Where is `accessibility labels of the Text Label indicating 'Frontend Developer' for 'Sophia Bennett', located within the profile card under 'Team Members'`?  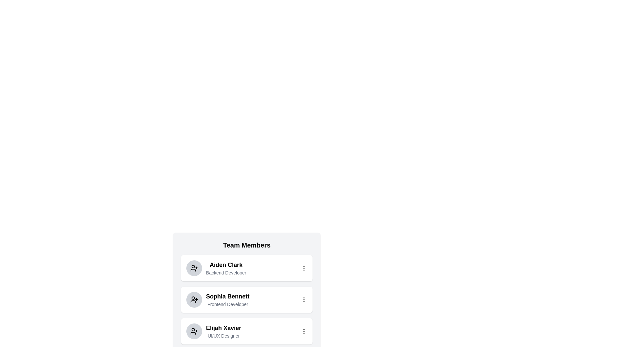 accessibility labels of the Text Label indicating 'Frontend Developer' for 'Sophia Bennett', located within the profile card under 'Team Members' is located at coordinates (227, 304).